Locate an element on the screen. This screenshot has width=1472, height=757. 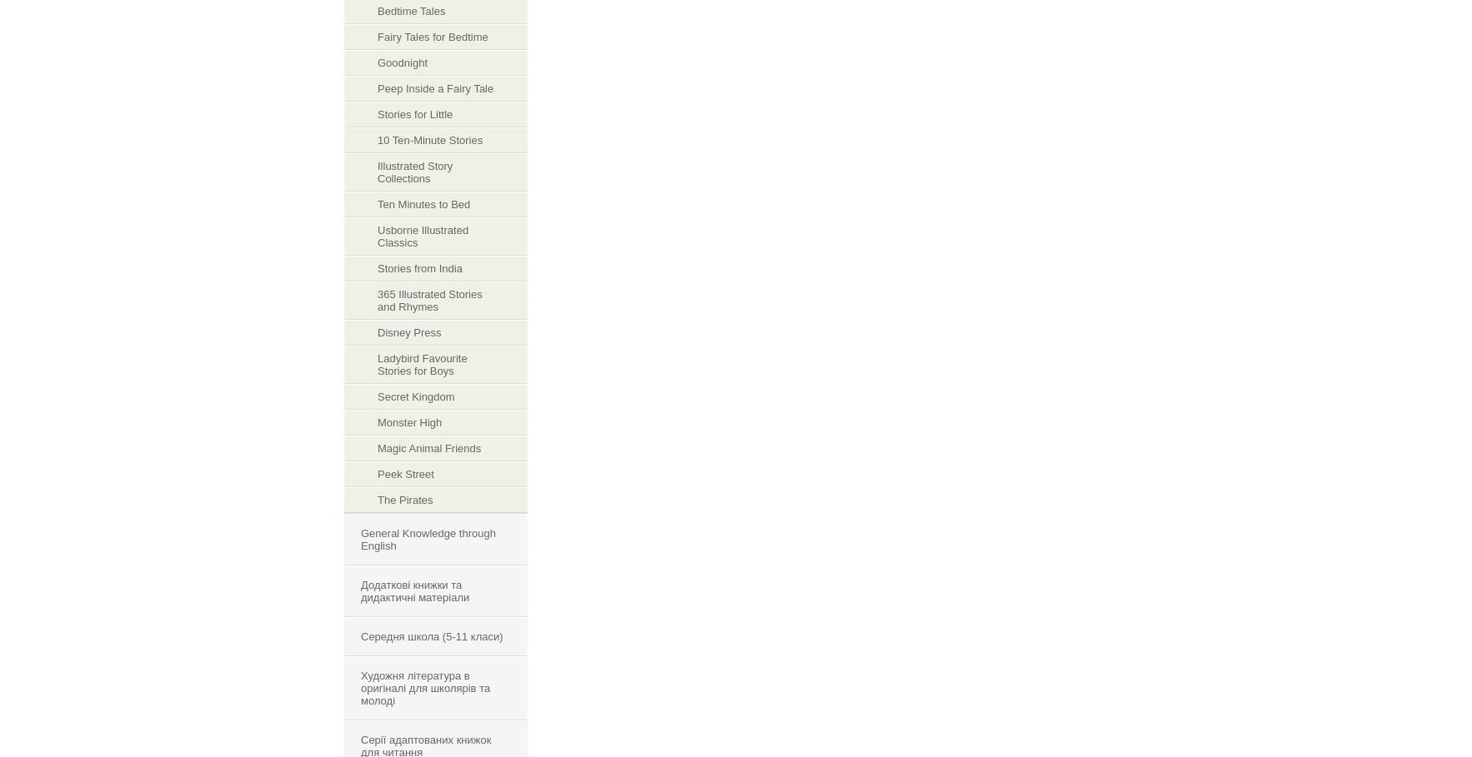
'Illustrated Story Collections' is located at coordinates (415, 172).